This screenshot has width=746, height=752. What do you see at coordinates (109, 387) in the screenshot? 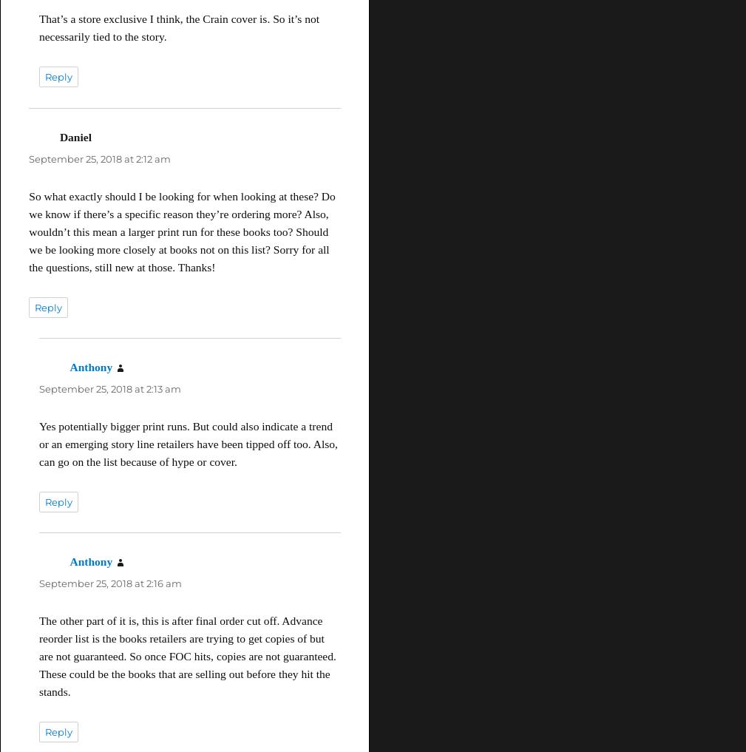
I see `'September 25, 2018 at 2:13 am'` at bounding box center [109, 387].